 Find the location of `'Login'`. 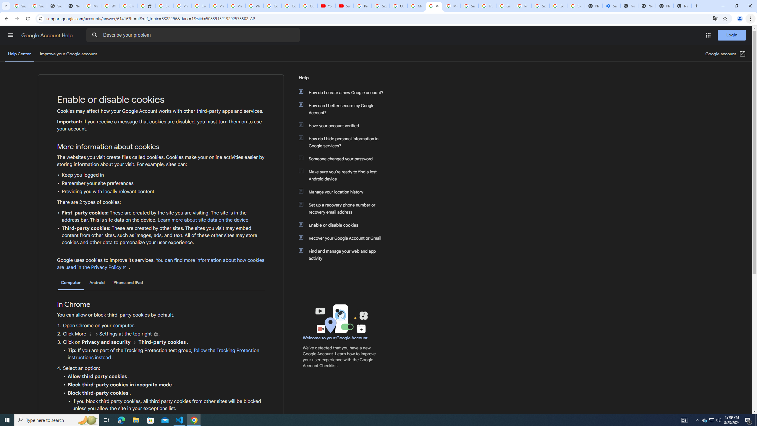

'Login' is located at coordinates (732, 35).